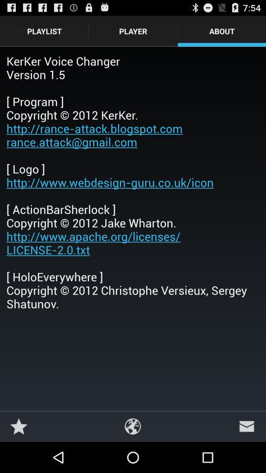  Describe the element at coordinates (133, 181) in the screenshot. I see `the kerker voice changer` at that location.